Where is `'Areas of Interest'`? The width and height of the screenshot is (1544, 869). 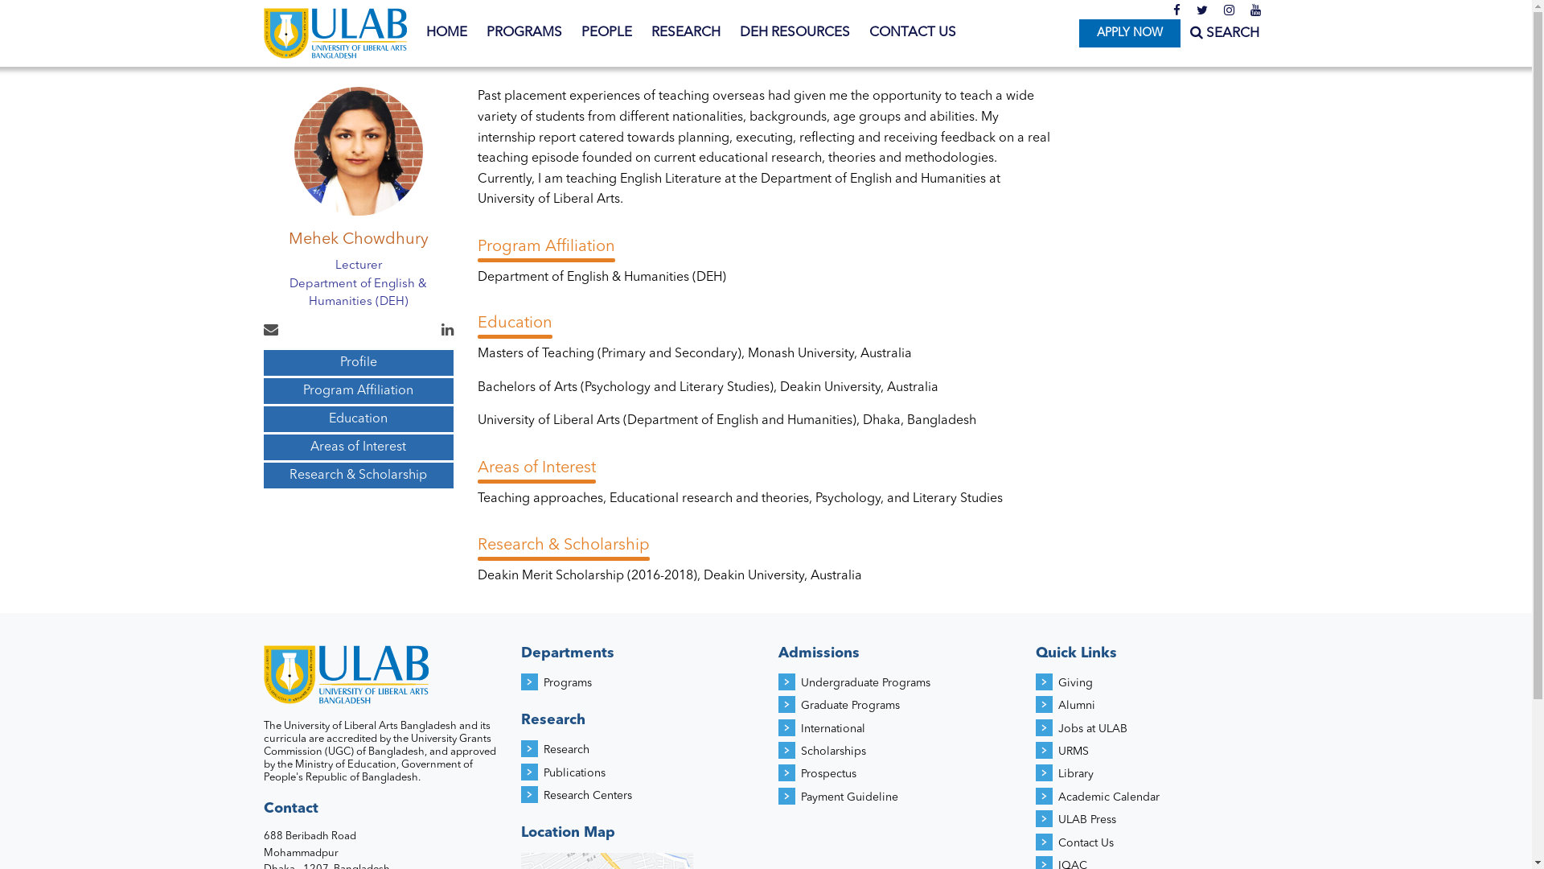
'Areas of Interest' is located at coordinates (358, 447).